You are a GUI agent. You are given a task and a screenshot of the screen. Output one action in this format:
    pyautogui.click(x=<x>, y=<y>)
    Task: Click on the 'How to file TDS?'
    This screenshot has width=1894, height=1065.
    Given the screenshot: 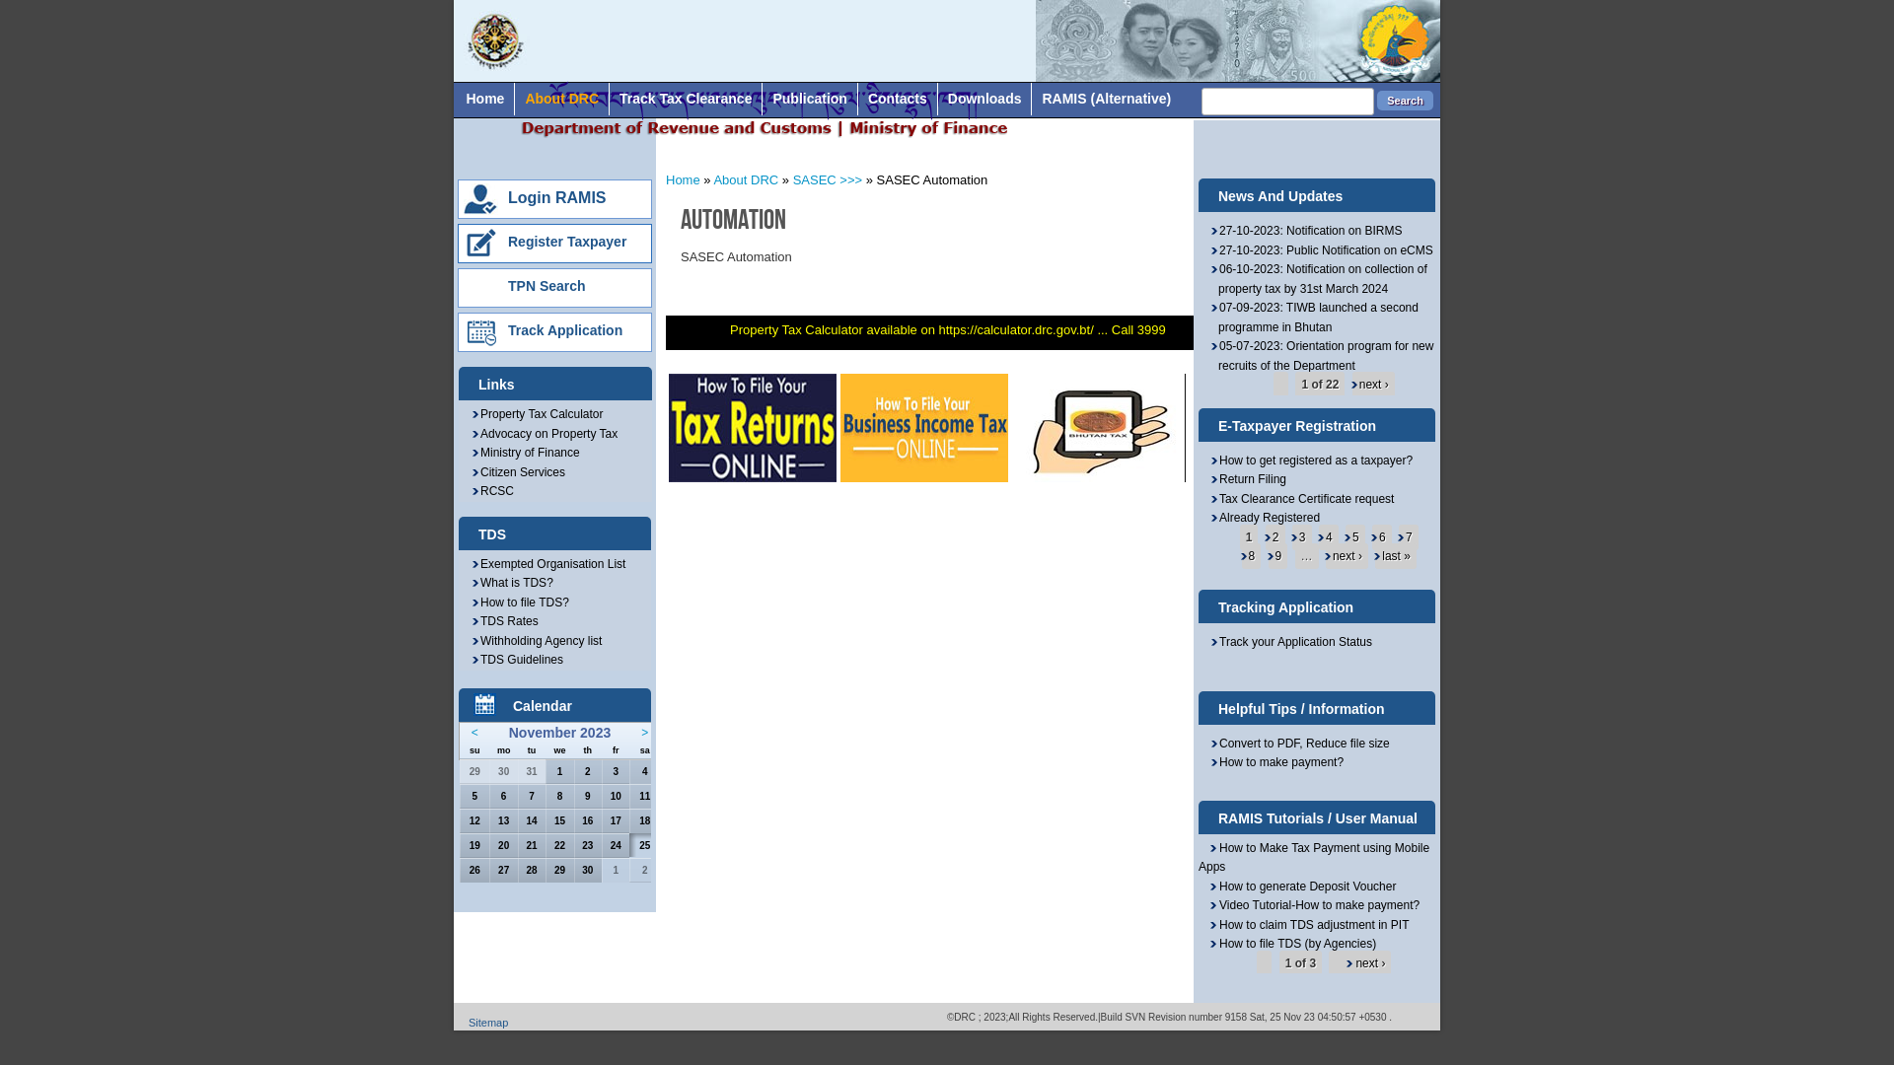 What is the action you would take?
    pyautogui.click(x=520, y=601)
    